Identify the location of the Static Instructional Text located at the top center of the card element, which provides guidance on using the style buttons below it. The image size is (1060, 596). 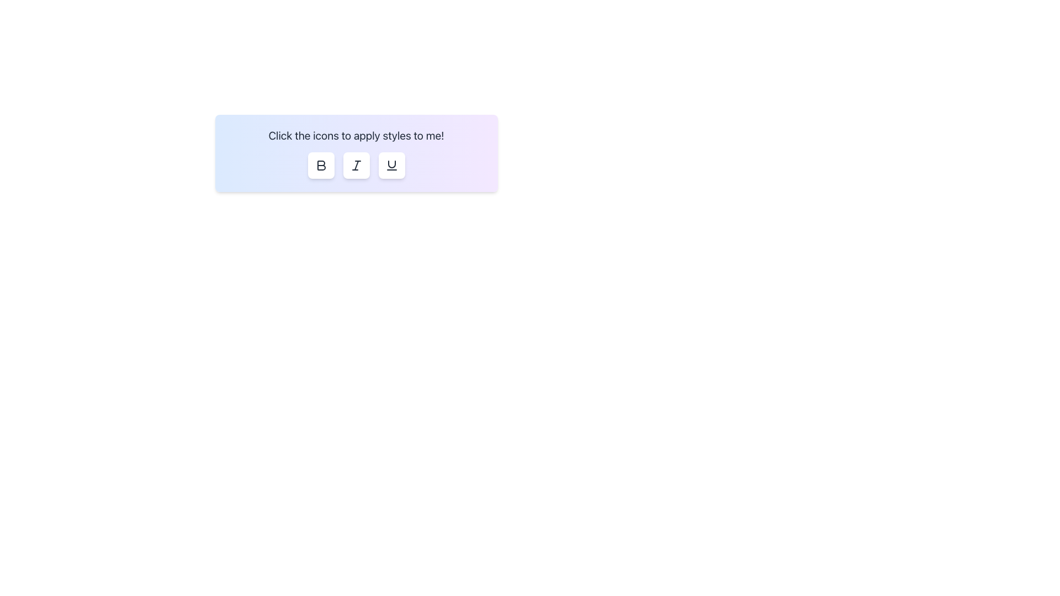
(356, 135).